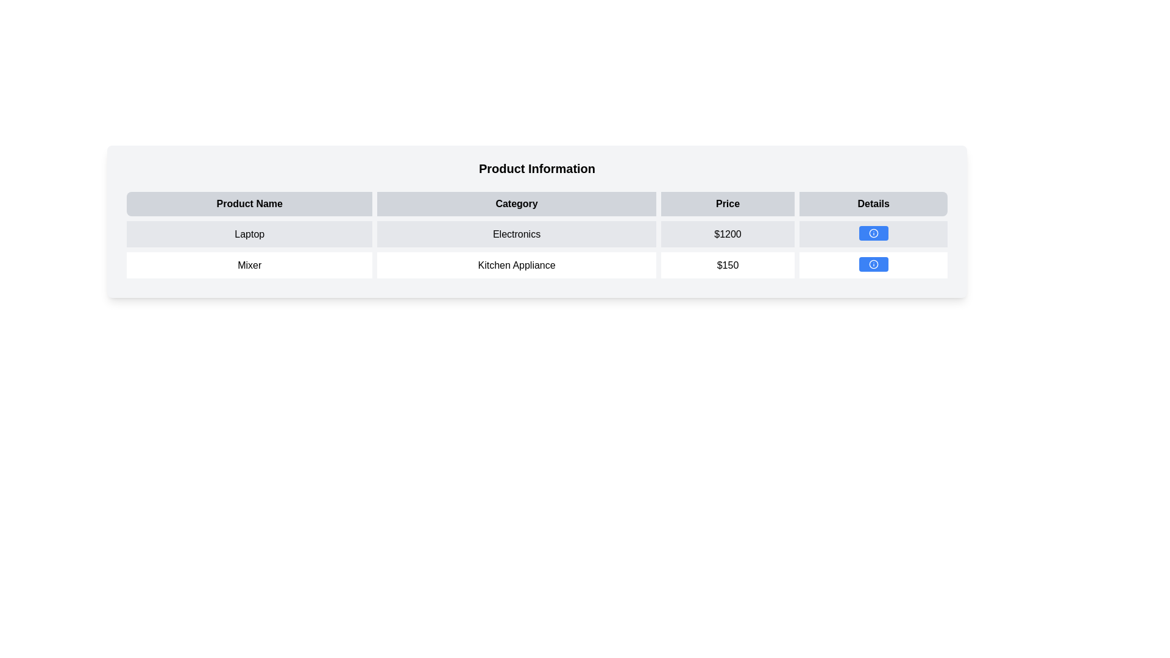  I want to click on the blue button with a circular 'i' icon in the 'Details' column of the first row for the 'Laptop' product, so click(873, 233).